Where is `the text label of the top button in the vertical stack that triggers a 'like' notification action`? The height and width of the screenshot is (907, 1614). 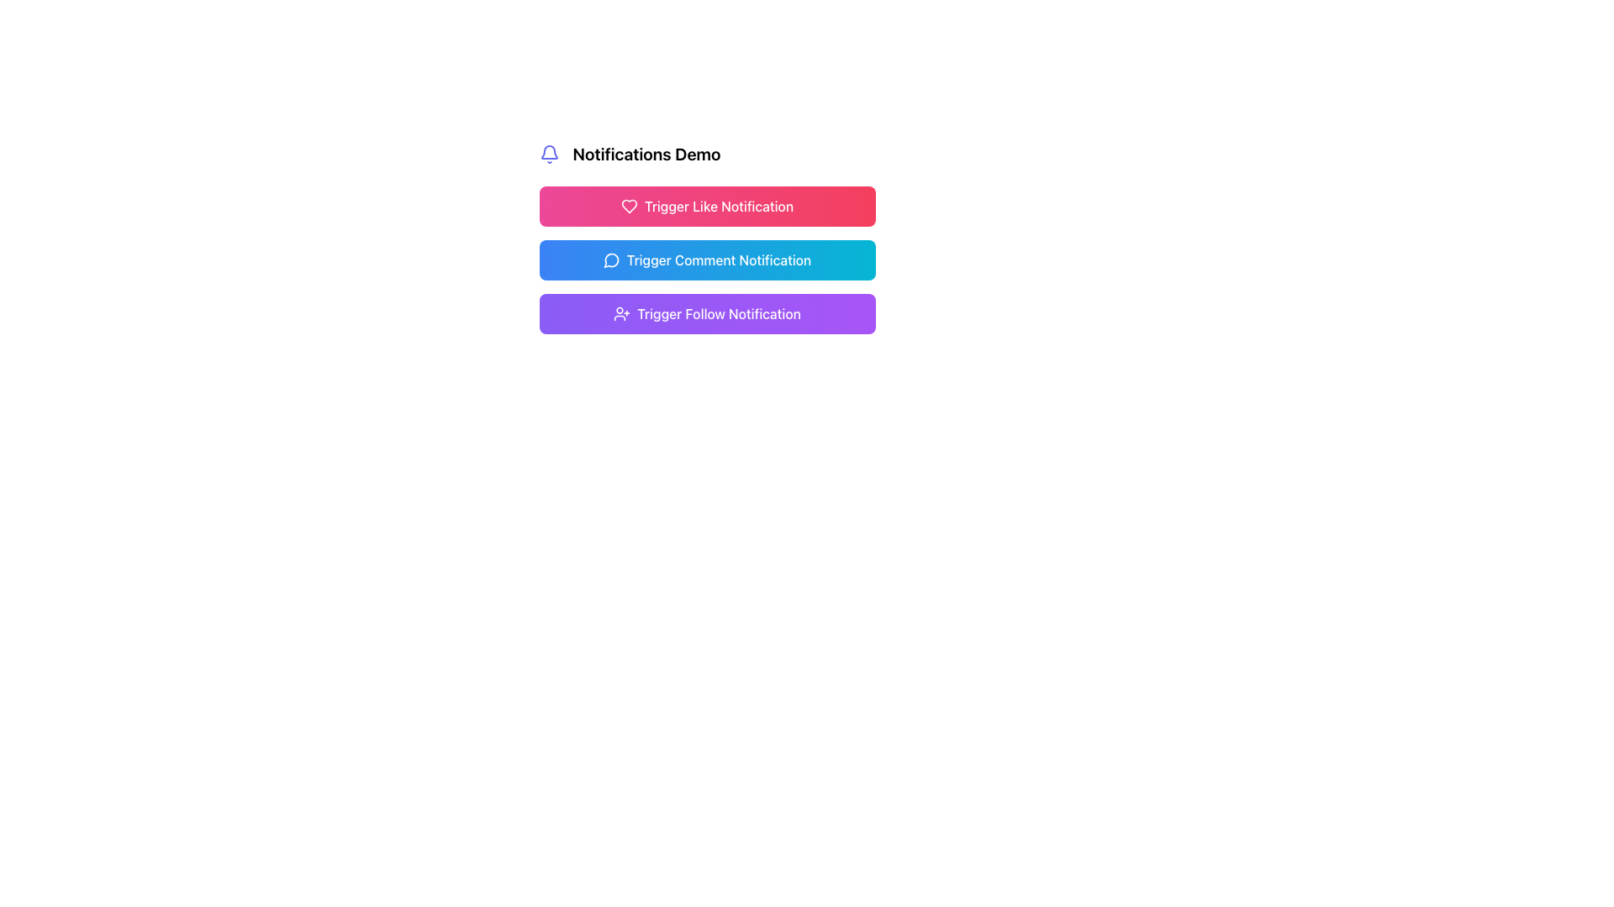
the text label of the top button in the vertical stack that triggers a 'like' notification action is located at coordinates (719, 206).